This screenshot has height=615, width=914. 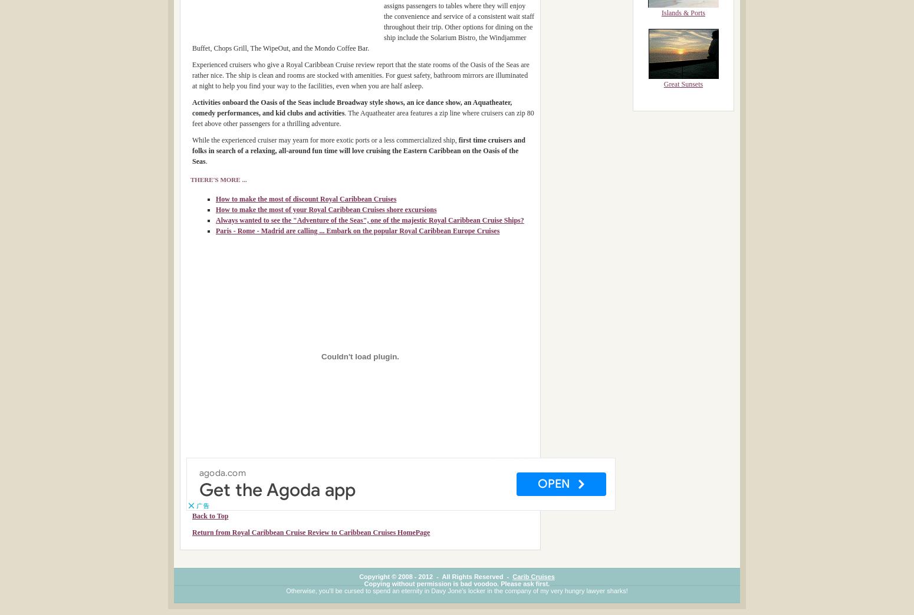 I want to click on 'While the experienced cruiser may yearn
for more exotic ports or a less commercialized ship,', so click(x=191, y=140).